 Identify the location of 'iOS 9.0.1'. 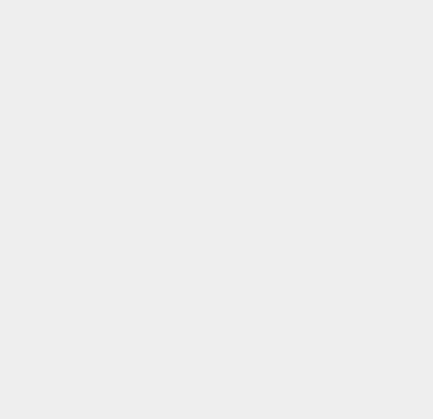
(306, 14).